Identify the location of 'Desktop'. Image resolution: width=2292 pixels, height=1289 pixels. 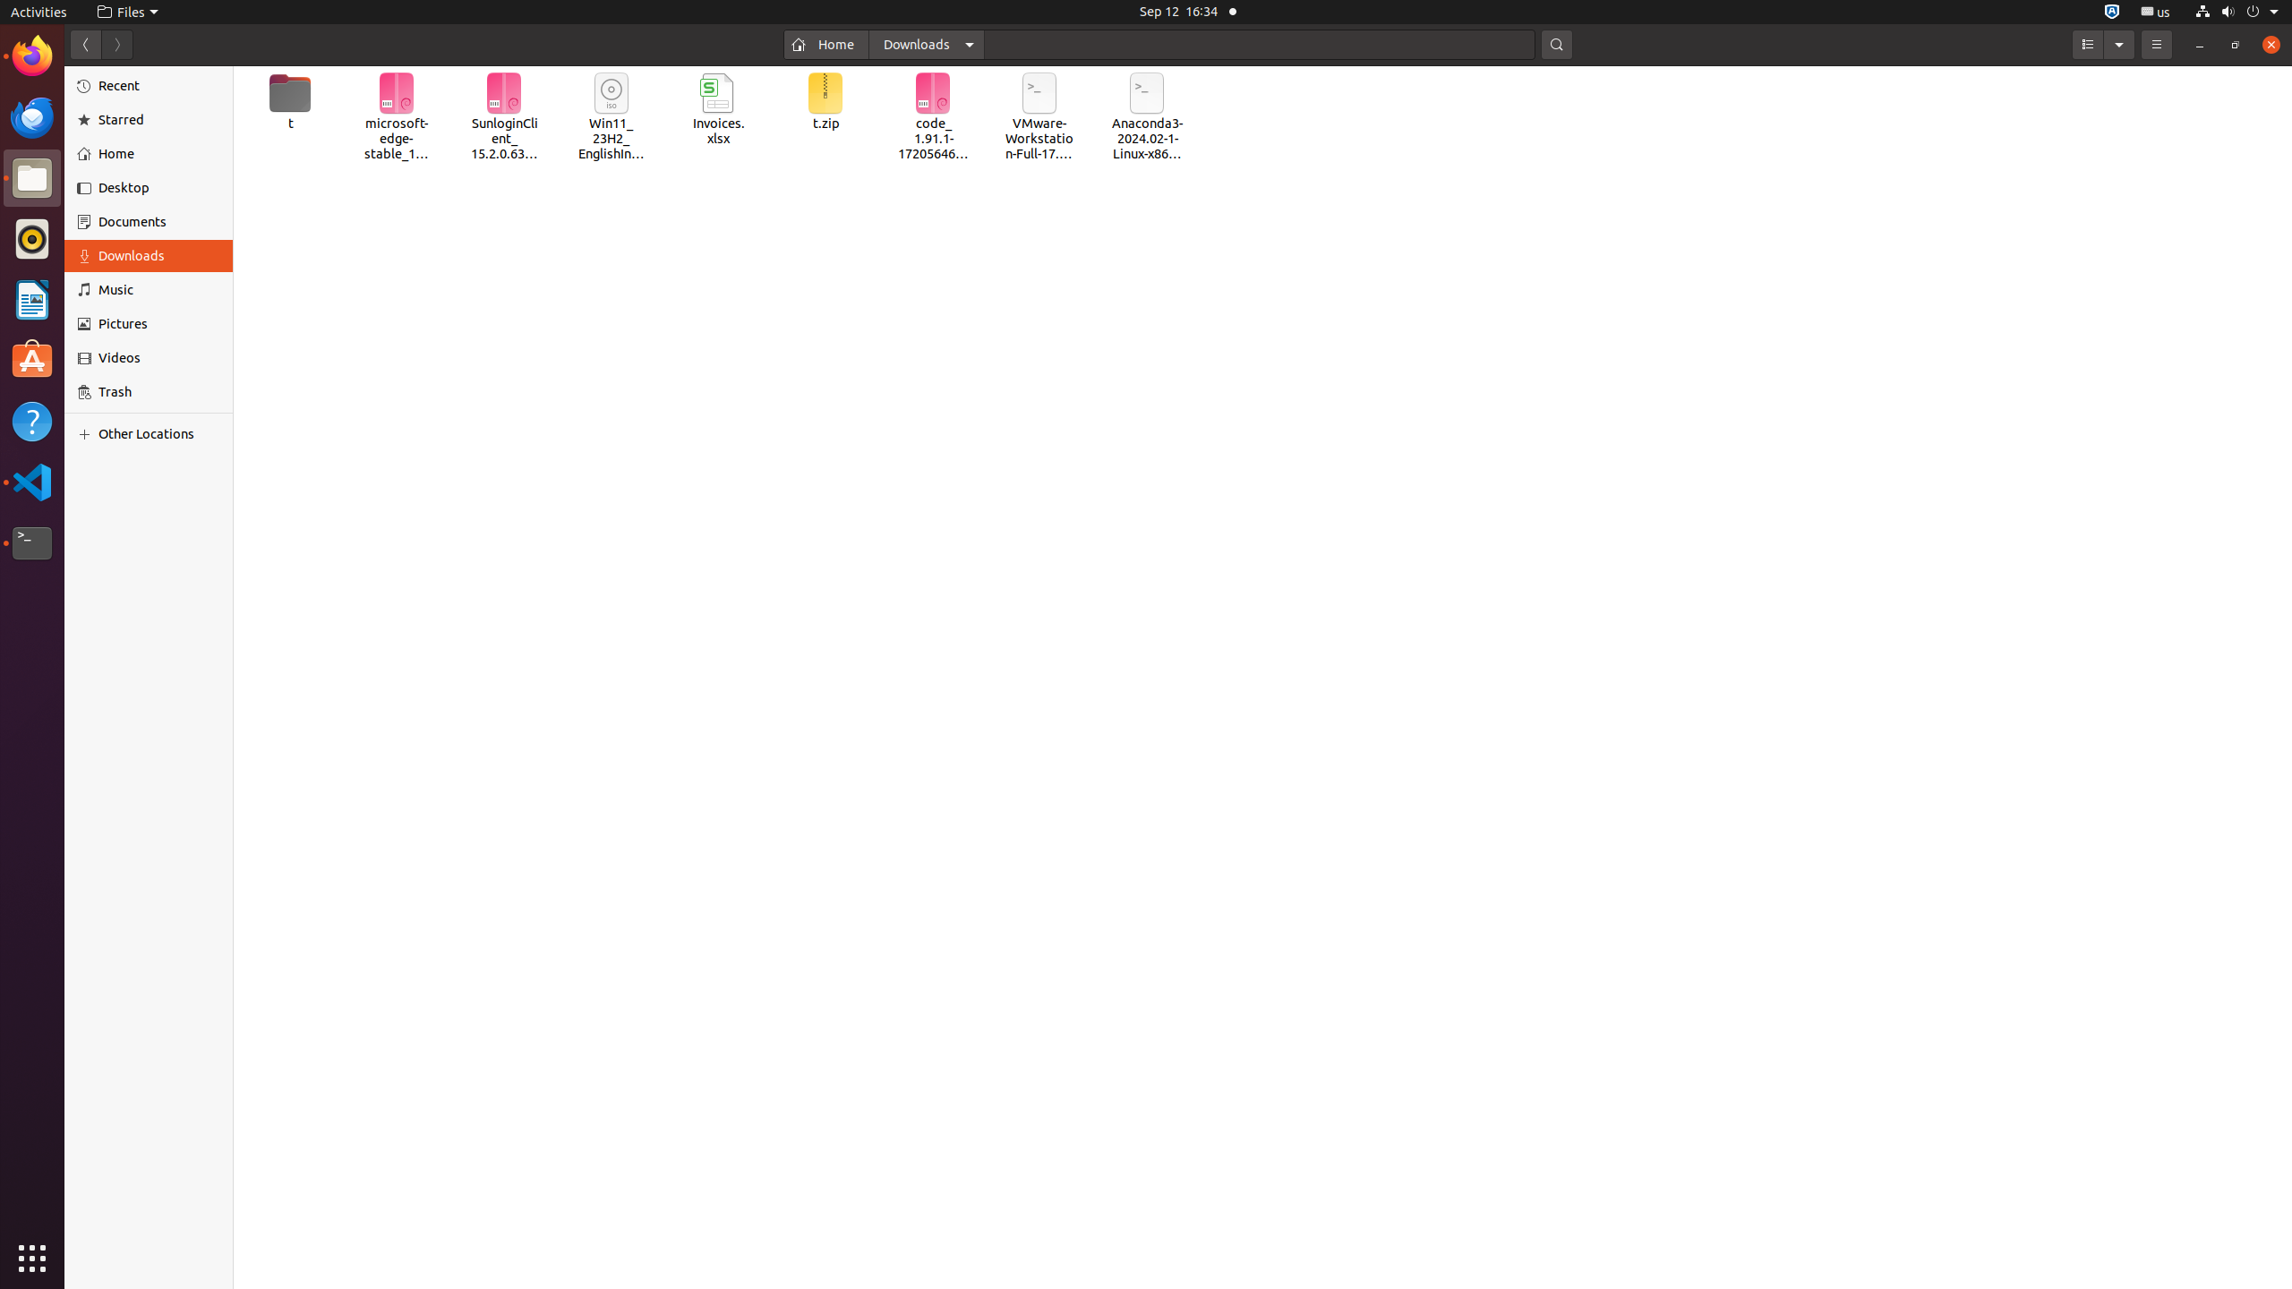
(158, 186).